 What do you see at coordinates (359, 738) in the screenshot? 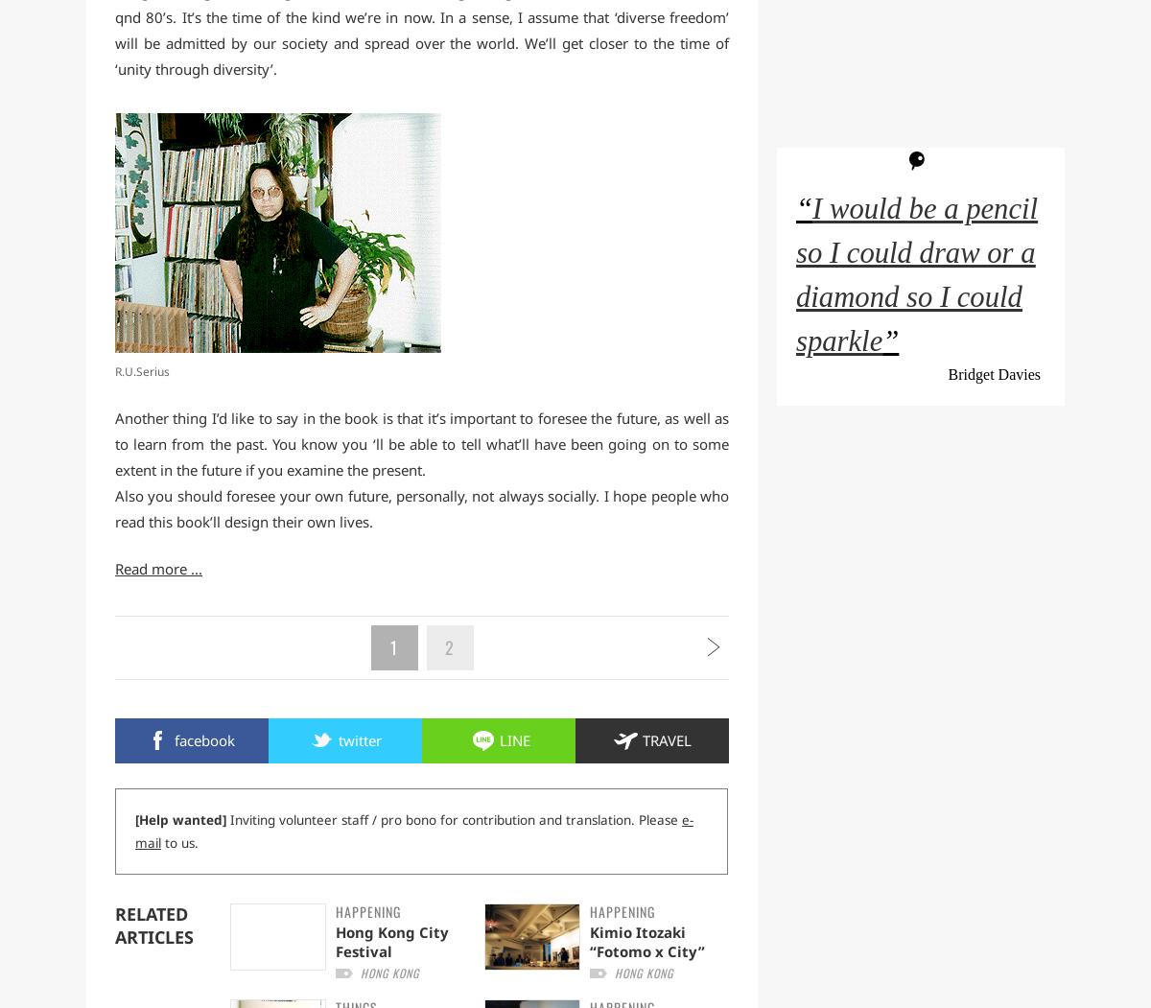
I see `'twitter'` at bounding box center [359, 738].